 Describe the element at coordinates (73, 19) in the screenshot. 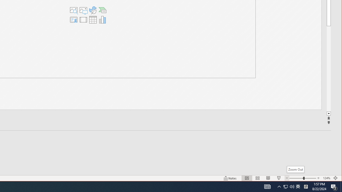

I see `'Insert Cameo'` at that location.